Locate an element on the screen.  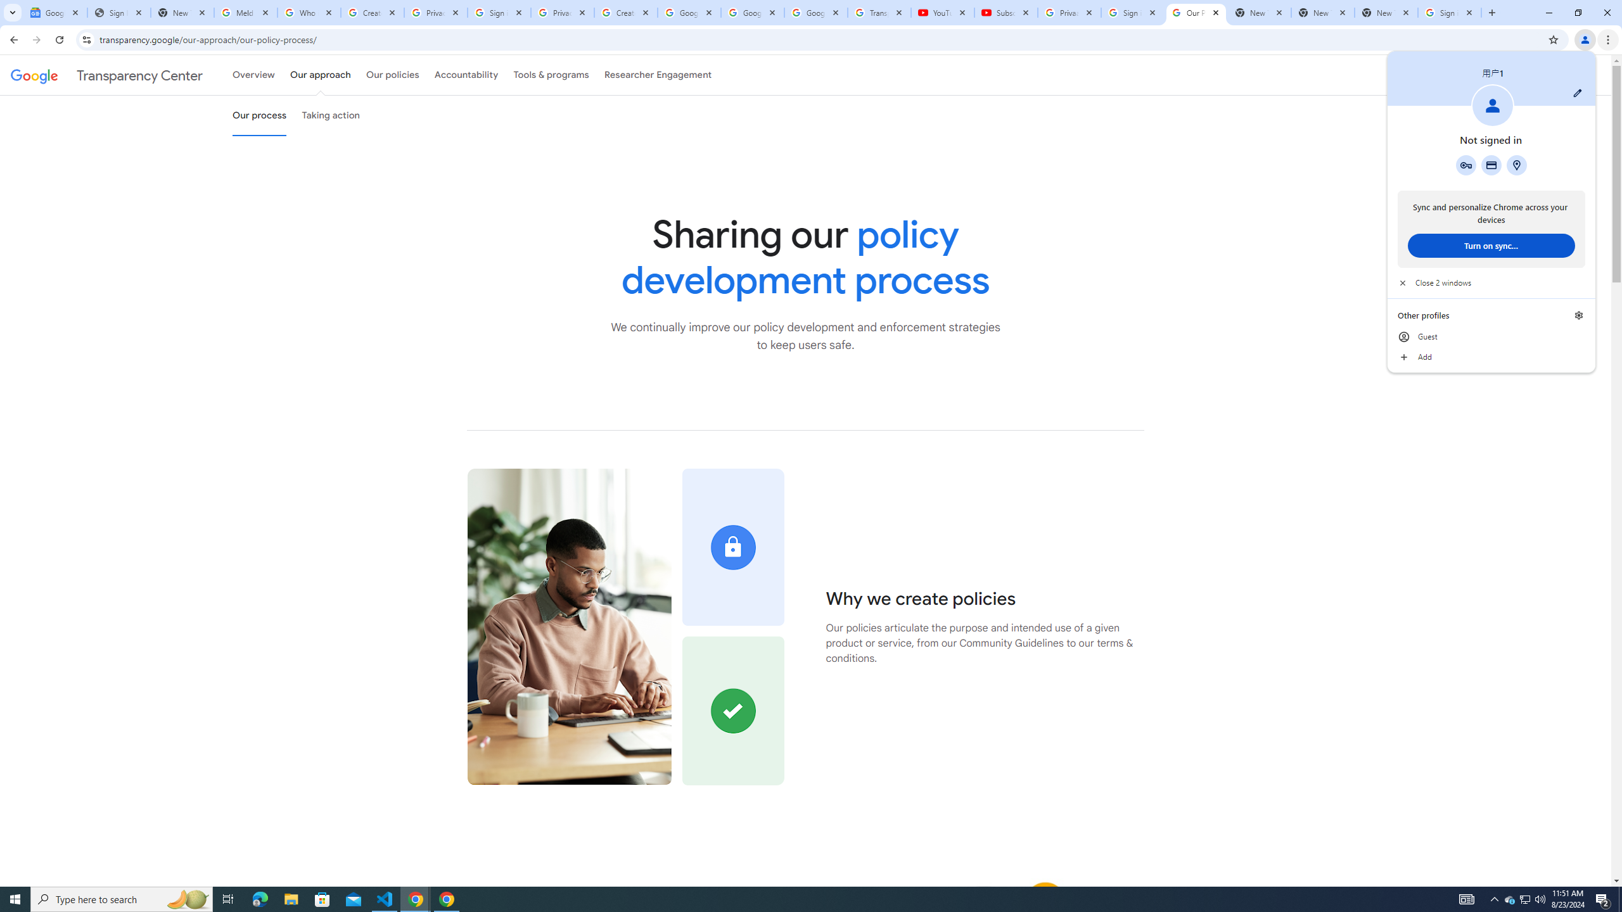
'Show desktop' is located at coordinates (1619, 898).